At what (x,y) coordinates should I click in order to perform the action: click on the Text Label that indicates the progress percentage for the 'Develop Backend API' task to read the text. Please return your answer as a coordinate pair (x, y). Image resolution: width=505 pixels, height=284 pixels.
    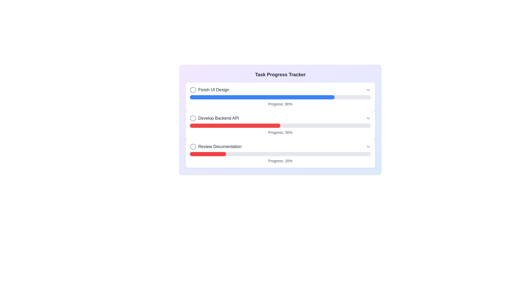
    Looking at the image, I should click on (280, 132).